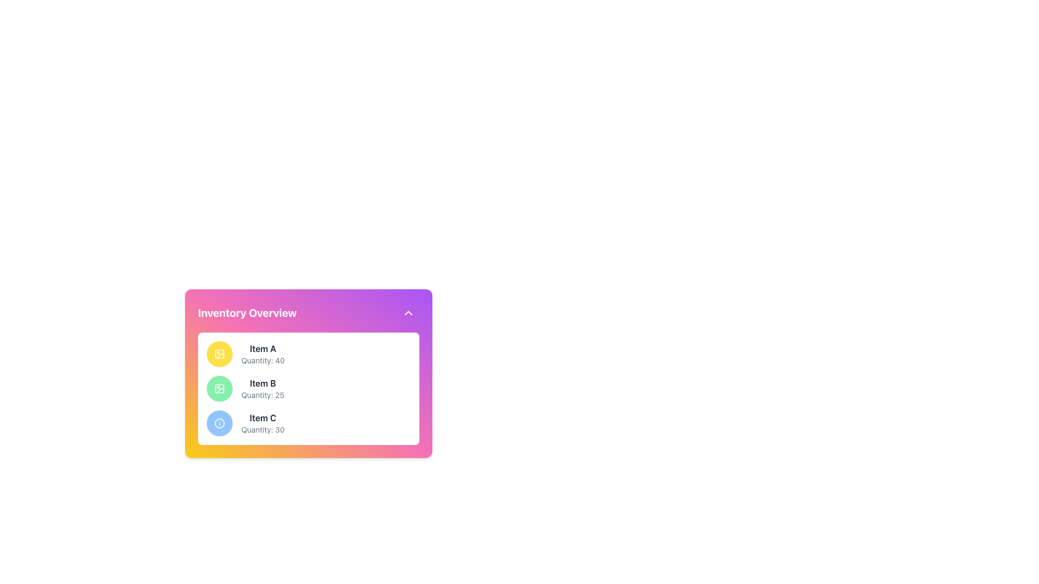  What do you see at coordinates (219, 354) in the screenshot?
I see `the graphical icon component representing 'Item A' in the Inventory Overview panel, located to the left of 'Item A'` at bounding box center [219, 354].